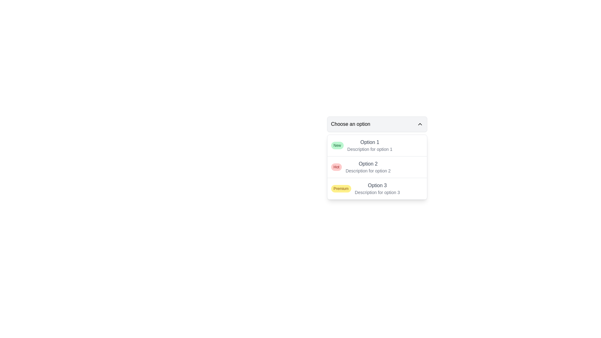 This screenshot has width=601, height=338. What do you see at coordinates (377, 188) in the screenshot?
I see `the List Item representing 'Option 3' in the dropdown menu` at bounding box center [377, 188].